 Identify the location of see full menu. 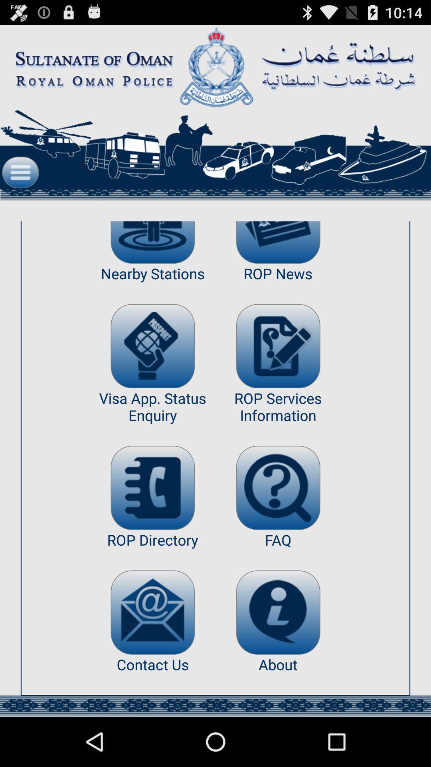
(20, 172).